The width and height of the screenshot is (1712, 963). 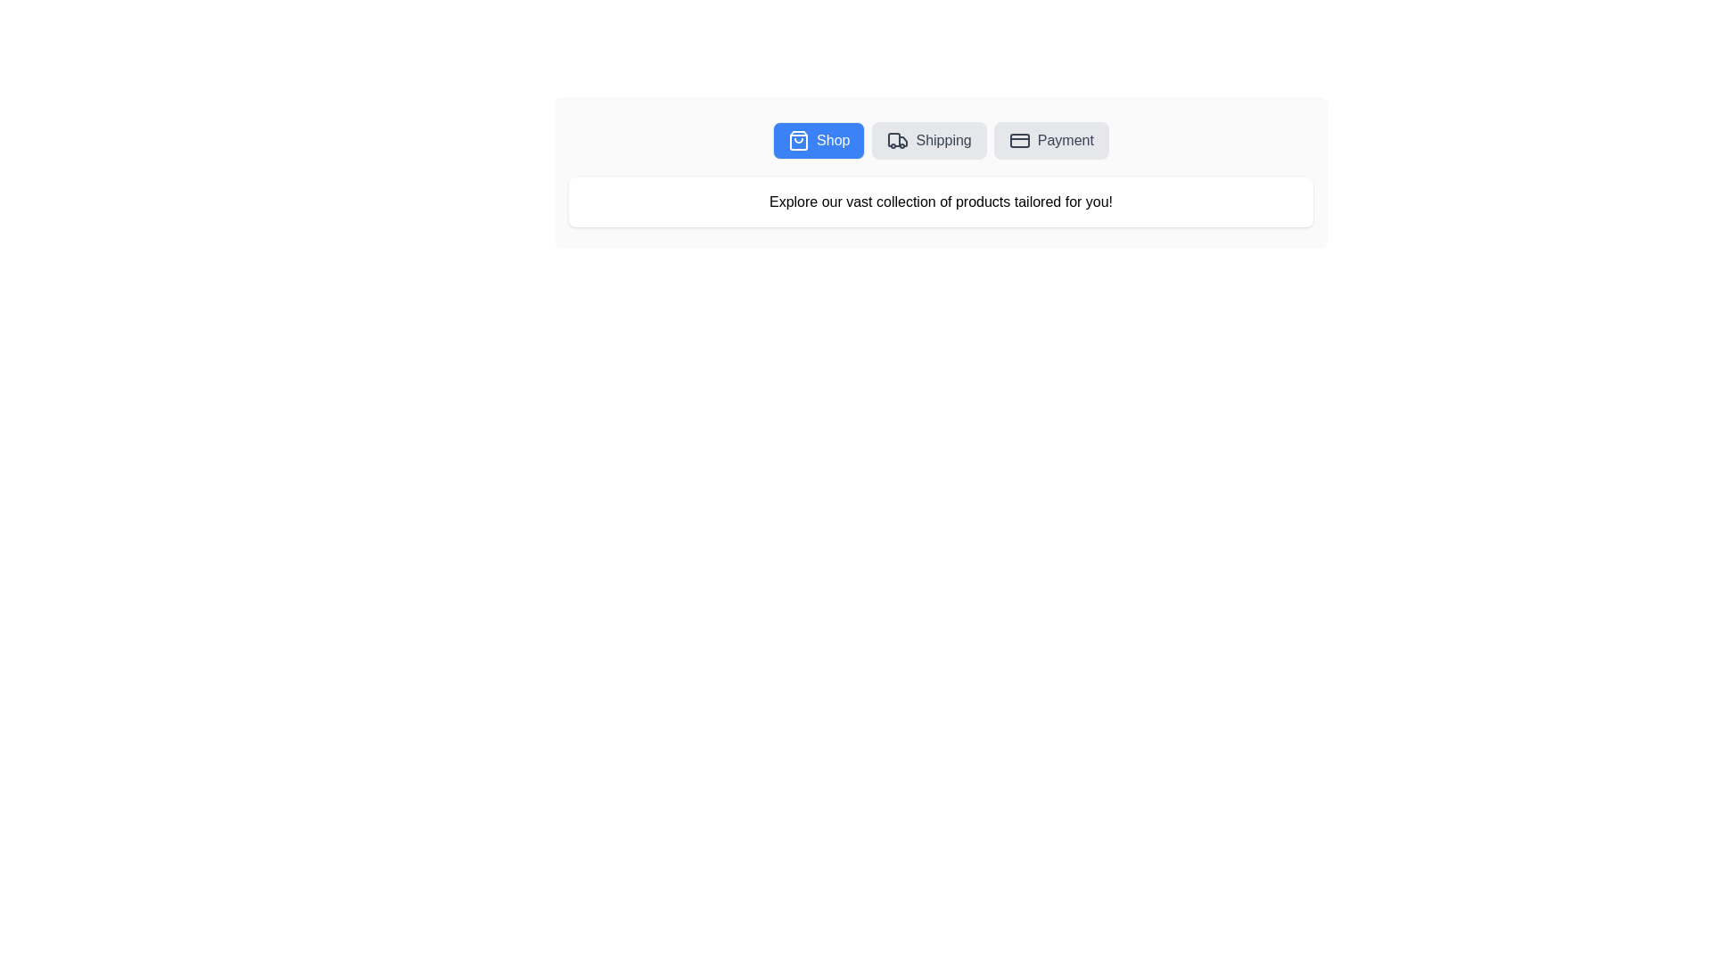 What do you see at coordinates (928, 140) in the screenshot?
I see `the 'Shipping' button, which has a light gray background, black text with a truck icon, and is located between the 'Shop' and 'Payment' buttons` at bounding box center [928, 140].